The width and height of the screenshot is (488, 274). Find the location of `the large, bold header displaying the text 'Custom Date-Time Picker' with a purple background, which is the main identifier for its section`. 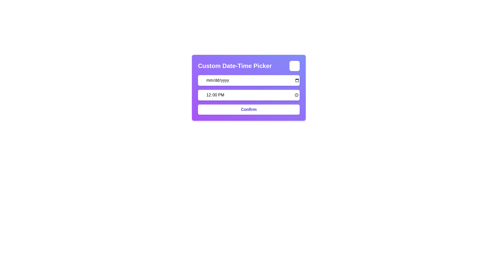

the large, bold header displaying the text 'Custom Date-Time Picker' with a purple background, which is the main identifier for its section is located at coordinates (235, 65).